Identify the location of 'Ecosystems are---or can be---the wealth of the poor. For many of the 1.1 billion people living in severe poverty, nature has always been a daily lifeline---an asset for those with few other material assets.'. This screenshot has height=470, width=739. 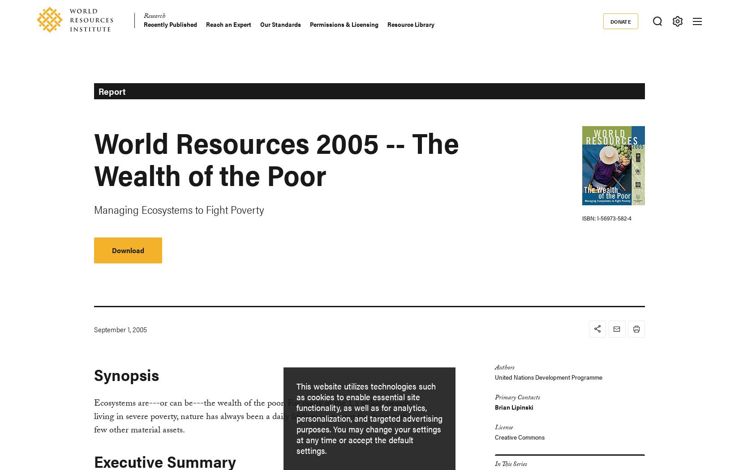
(251, 416).